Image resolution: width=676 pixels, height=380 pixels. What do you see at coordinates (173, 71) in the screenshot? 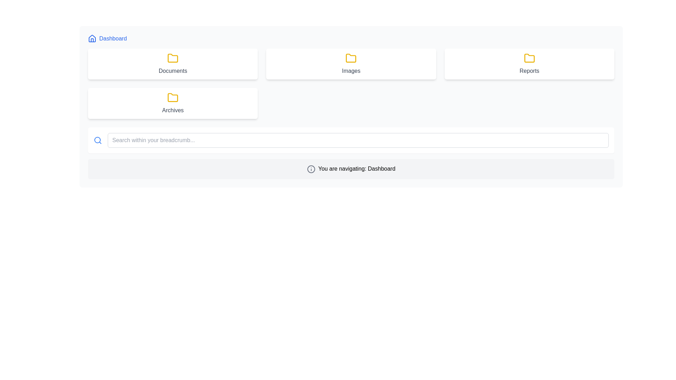
I see `the 'Documents' text label, which is a descriptive label for the folder component representing the Documents section, located below a yellow folder icon in the upper section of the interface` at bounding box center [173, 71].